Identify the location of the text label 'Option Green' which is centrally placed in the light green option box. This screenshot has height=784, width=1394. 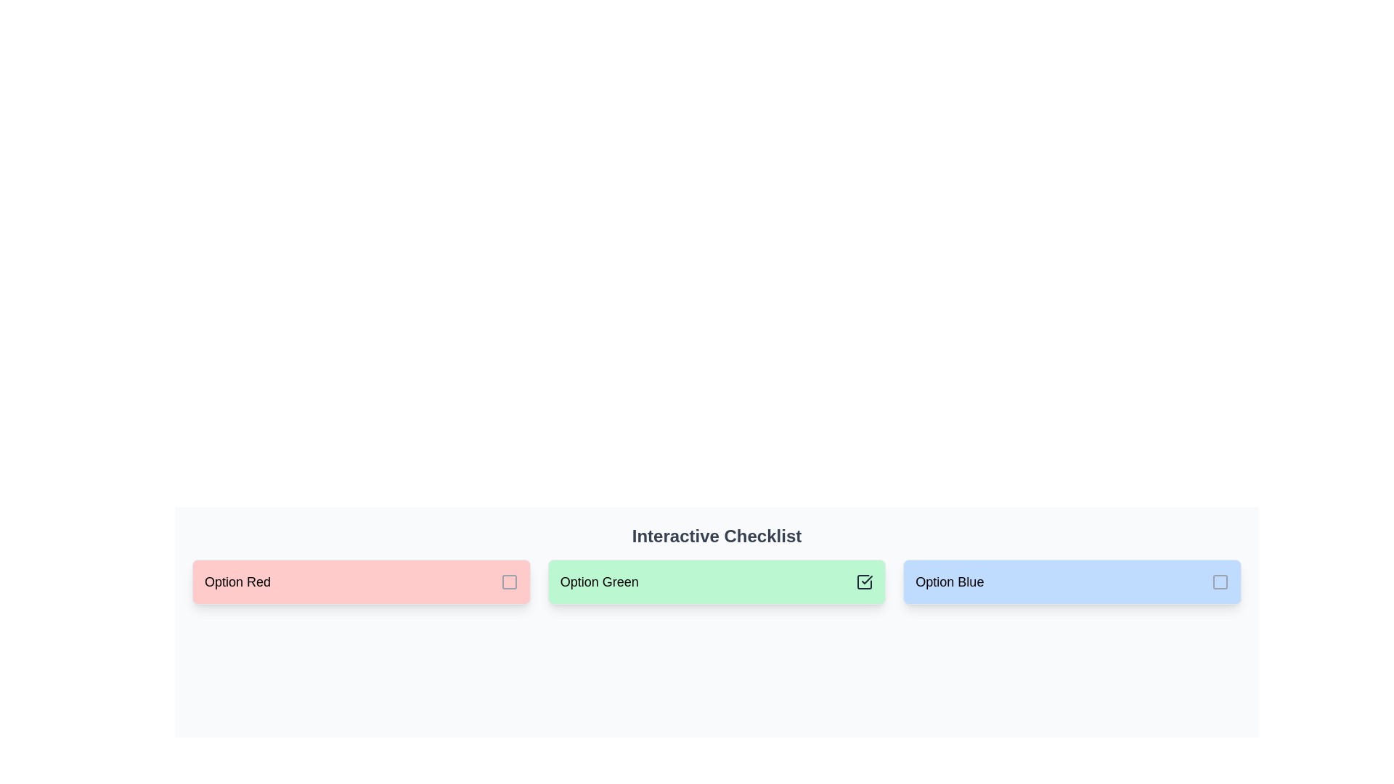
(599, 581).